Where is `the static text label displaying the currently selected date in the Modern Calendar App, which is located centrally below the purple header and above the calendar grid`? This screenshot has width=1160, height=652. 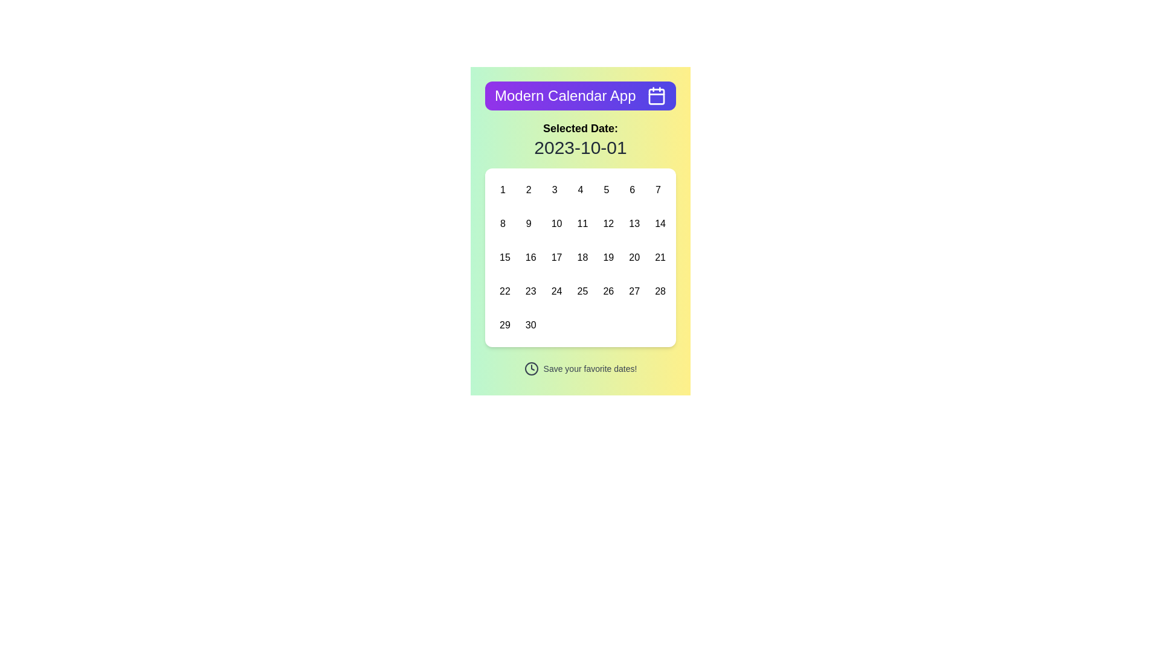
the static text label displaying the currently selected date in the Modern Calendar App, which is located centrally below the purple header and above the calendar grid is located at coordinates (580, 139).